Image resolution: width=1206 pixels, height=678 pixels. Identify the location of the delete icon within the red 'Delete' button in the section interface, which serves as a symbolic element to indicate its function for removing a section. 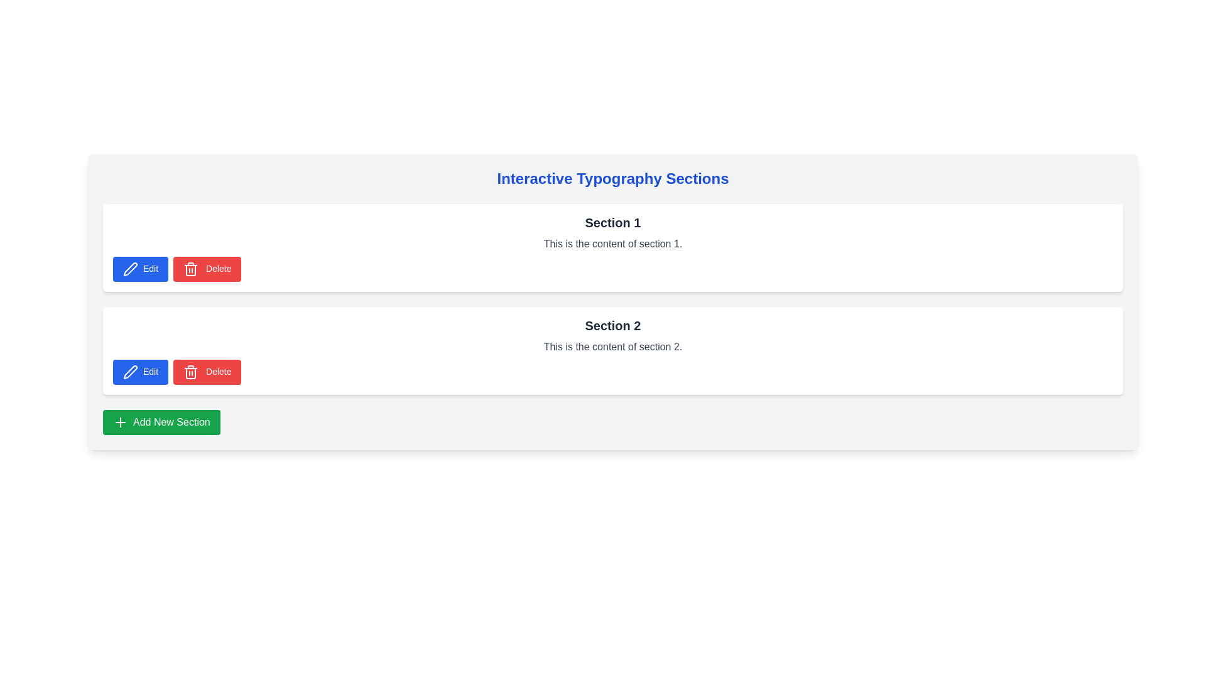
(190, 372).